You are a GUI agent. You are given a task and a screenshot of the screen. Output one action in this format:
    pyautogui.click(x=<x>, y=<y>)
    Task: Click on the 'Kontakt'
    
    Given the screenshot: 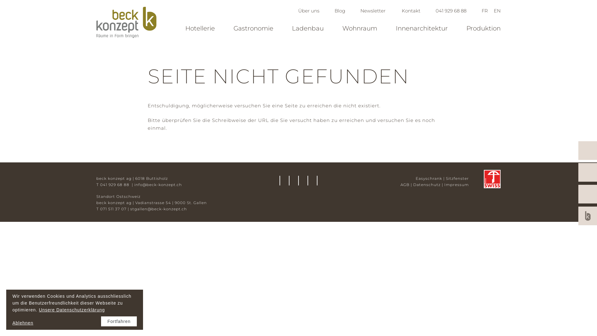 What is the action you would take?
    pyautogui.click(x=401, y=11)
    